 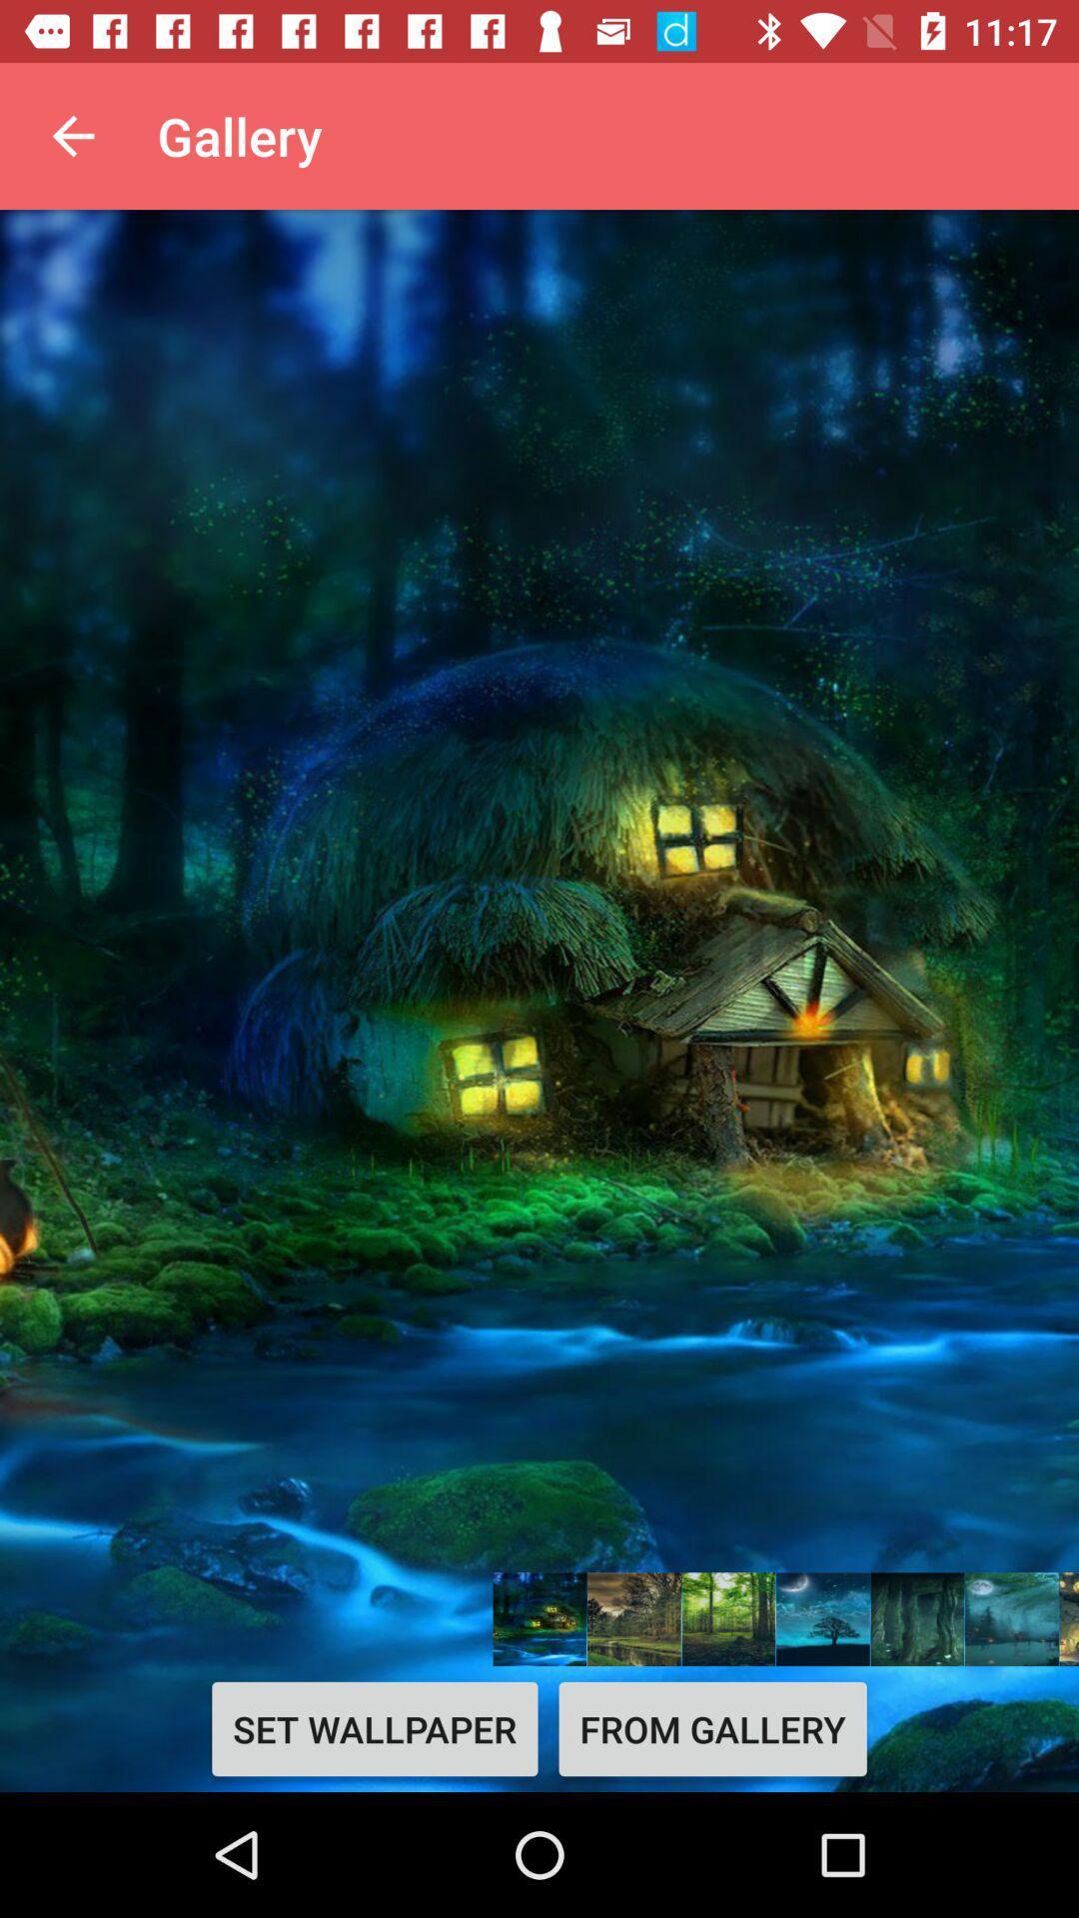 What do you see at coordinates (711, 1728) in the screenshot?
I see `the item to the right of the set wallpaper` at bounding box center [711, 1728].